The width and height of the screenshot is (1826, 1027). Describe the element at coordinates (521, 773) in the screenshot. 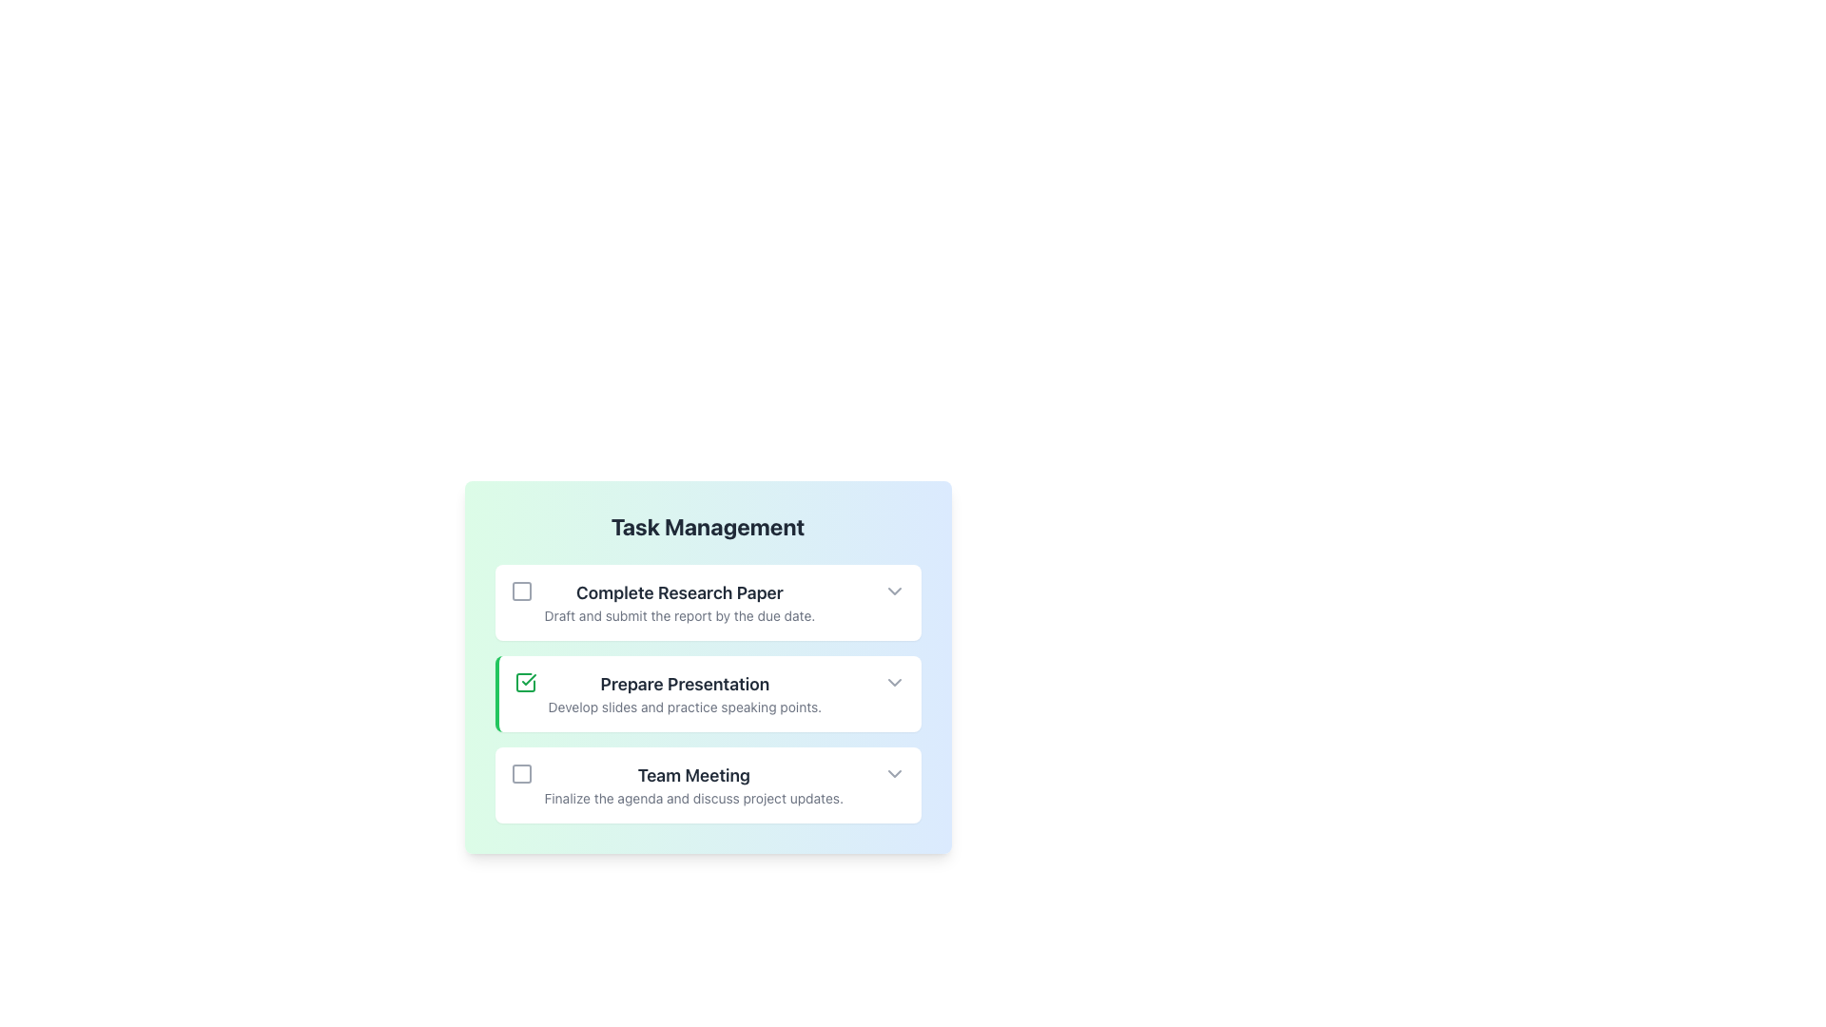

I see `the Checkbox element for the 'Team Meeting' task` at that location.